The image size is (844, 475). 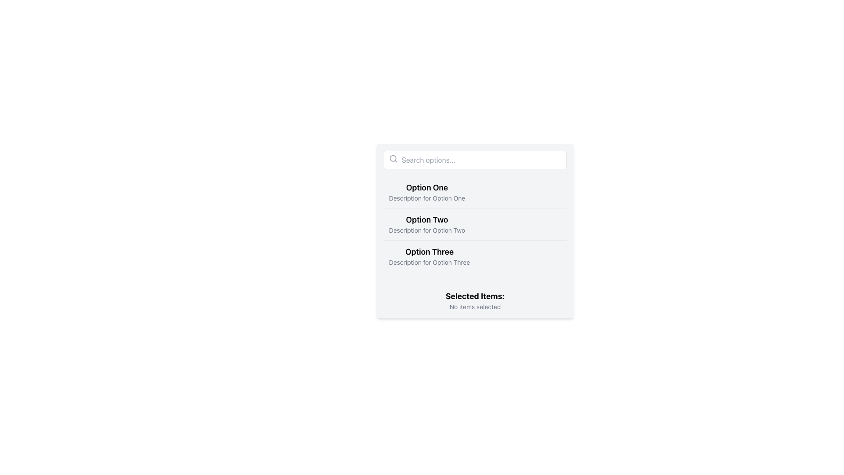 I want to click on the Interactive List Item titled 'Option One' with the description 'Description for Option One'. This item is the first in a vertical list and is directly below the search bar, so click(x=474, y=191).